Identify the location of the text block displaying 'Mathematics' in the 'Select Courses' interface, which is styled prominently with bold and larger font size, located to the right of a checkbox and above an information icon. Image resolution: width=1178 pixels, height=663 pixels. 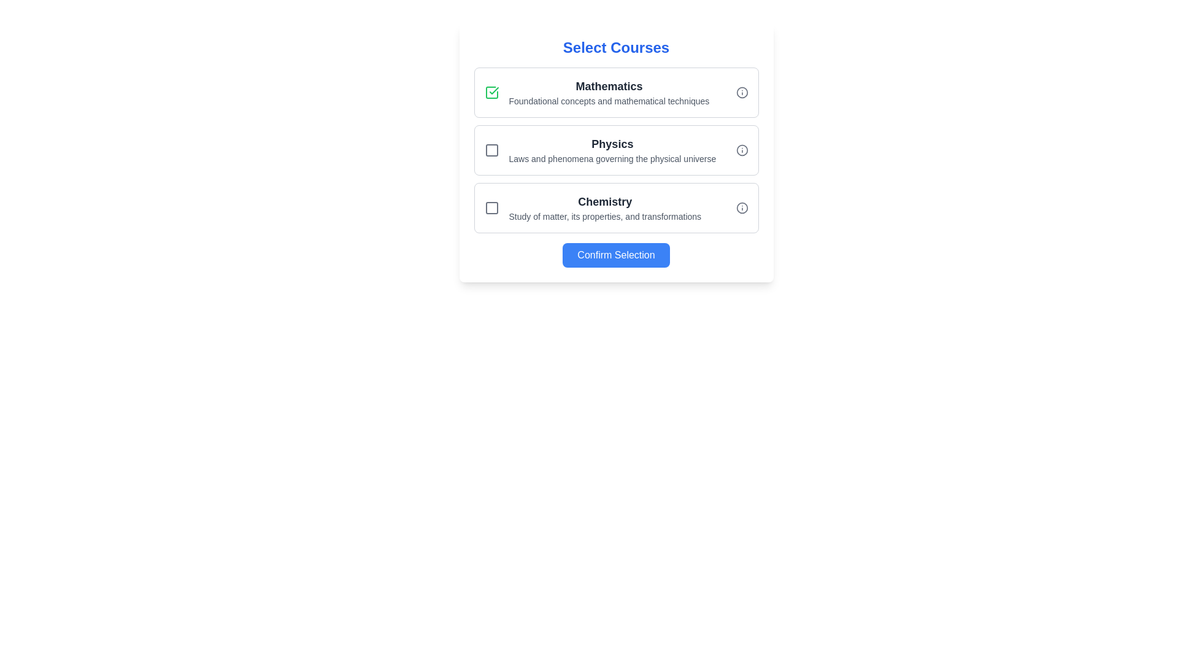
(609, 91).